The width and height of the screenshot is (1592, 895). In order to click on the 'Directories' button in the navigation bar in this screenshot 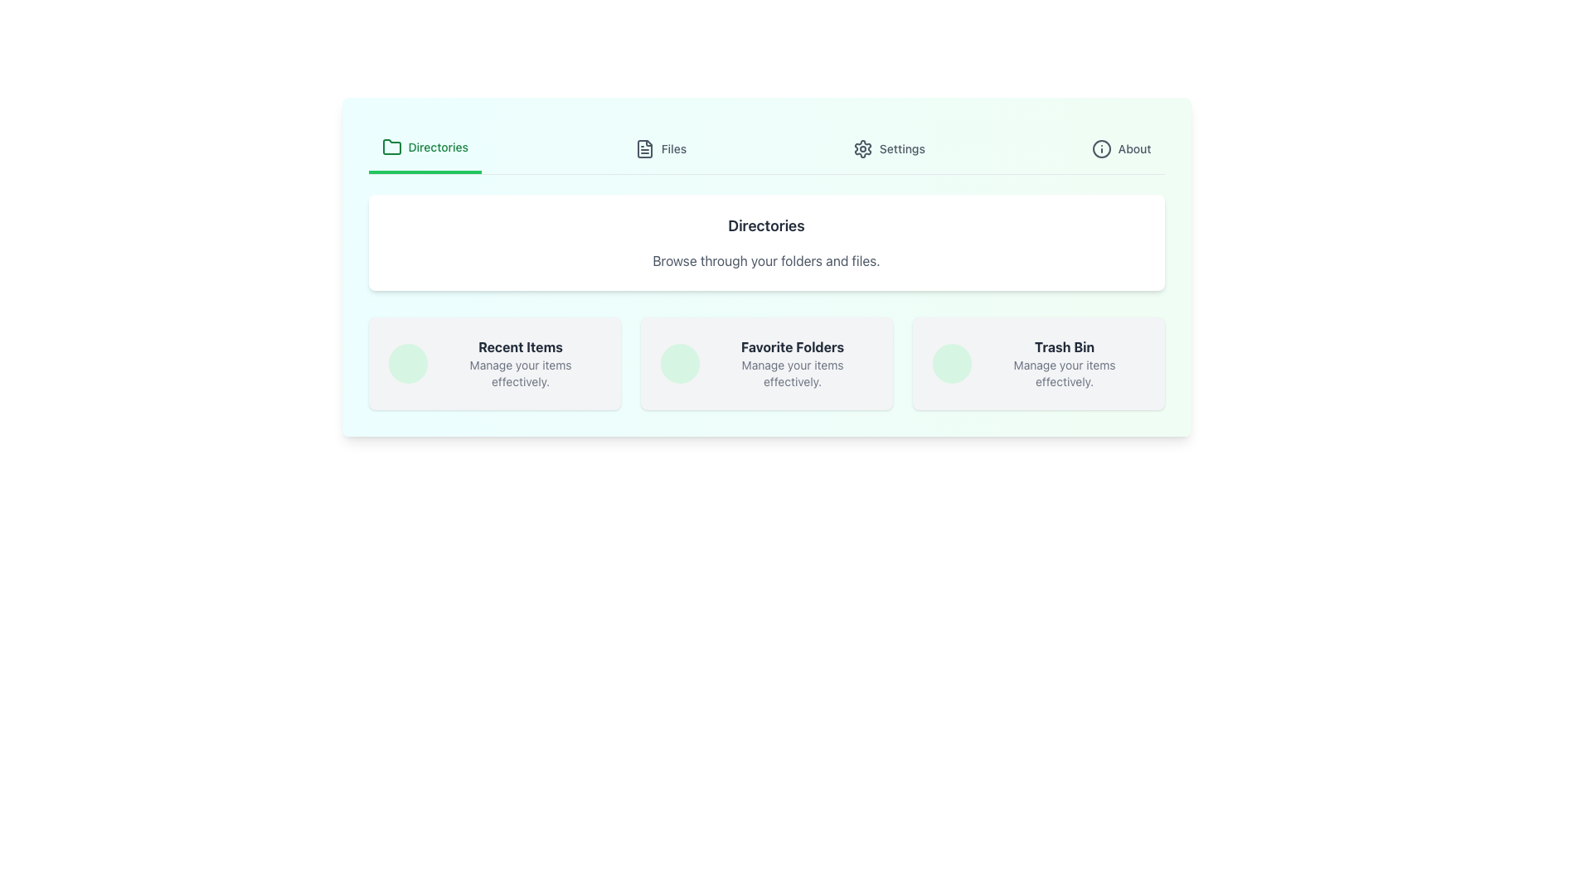, I will do `click(425, 149)`.